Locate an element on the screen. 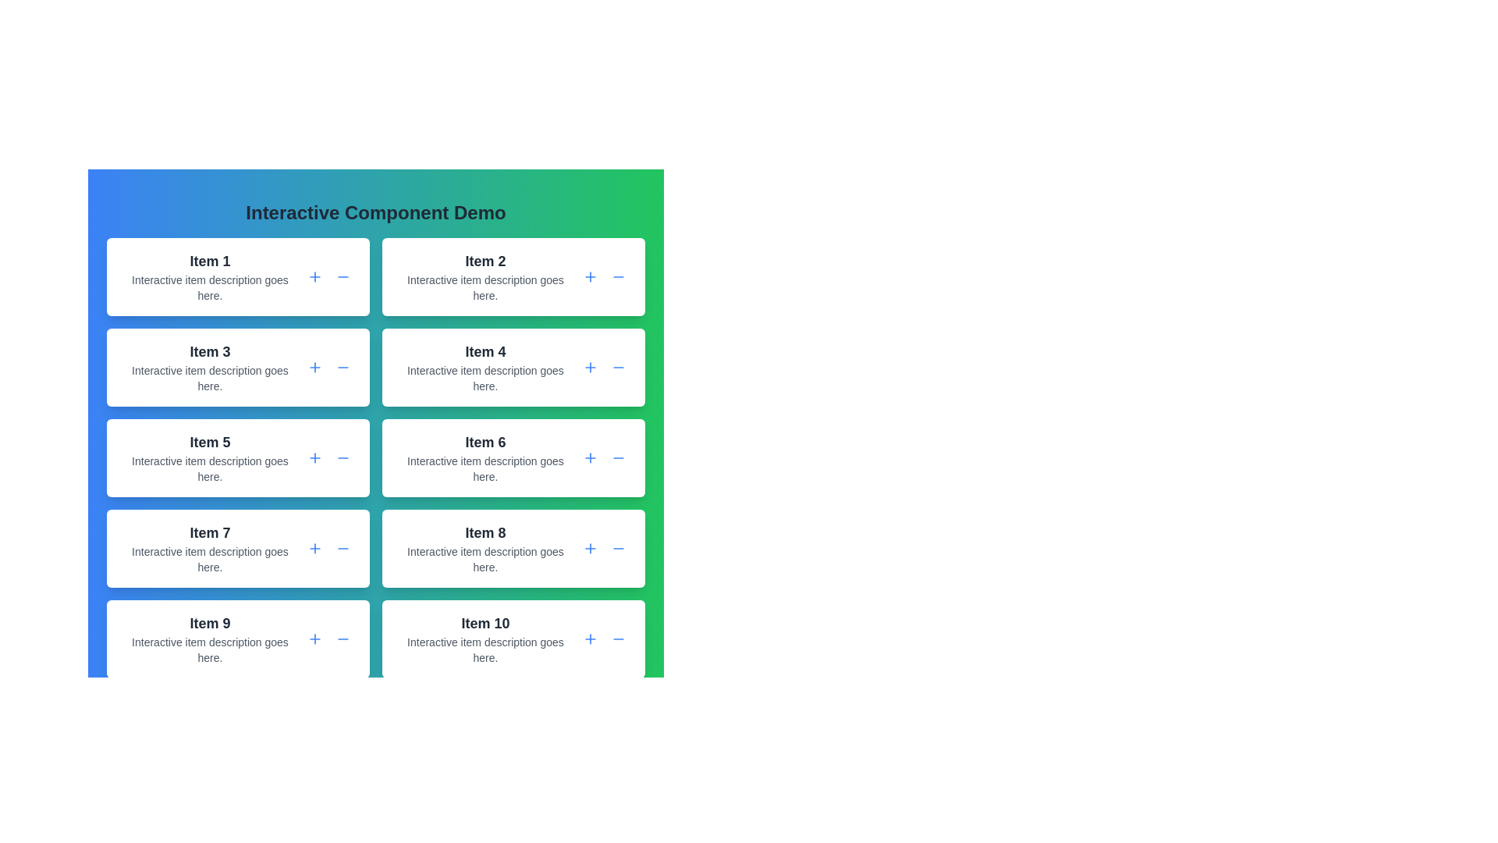 This screenshot has width=1498, height=843. the text label that reads 'Interactive item description goes here.', which is styled in a smaller font size and gray color, located immediately below the bold title 'Item 2' is located at coordinates (485, 288).